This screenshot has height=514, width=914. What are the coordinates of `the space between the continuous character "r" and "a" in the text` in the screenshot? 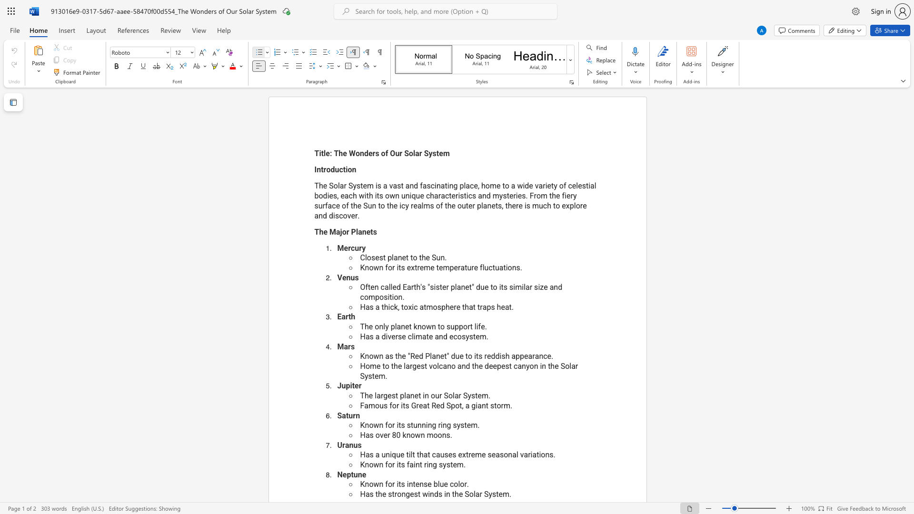 It's located at (535, 356).